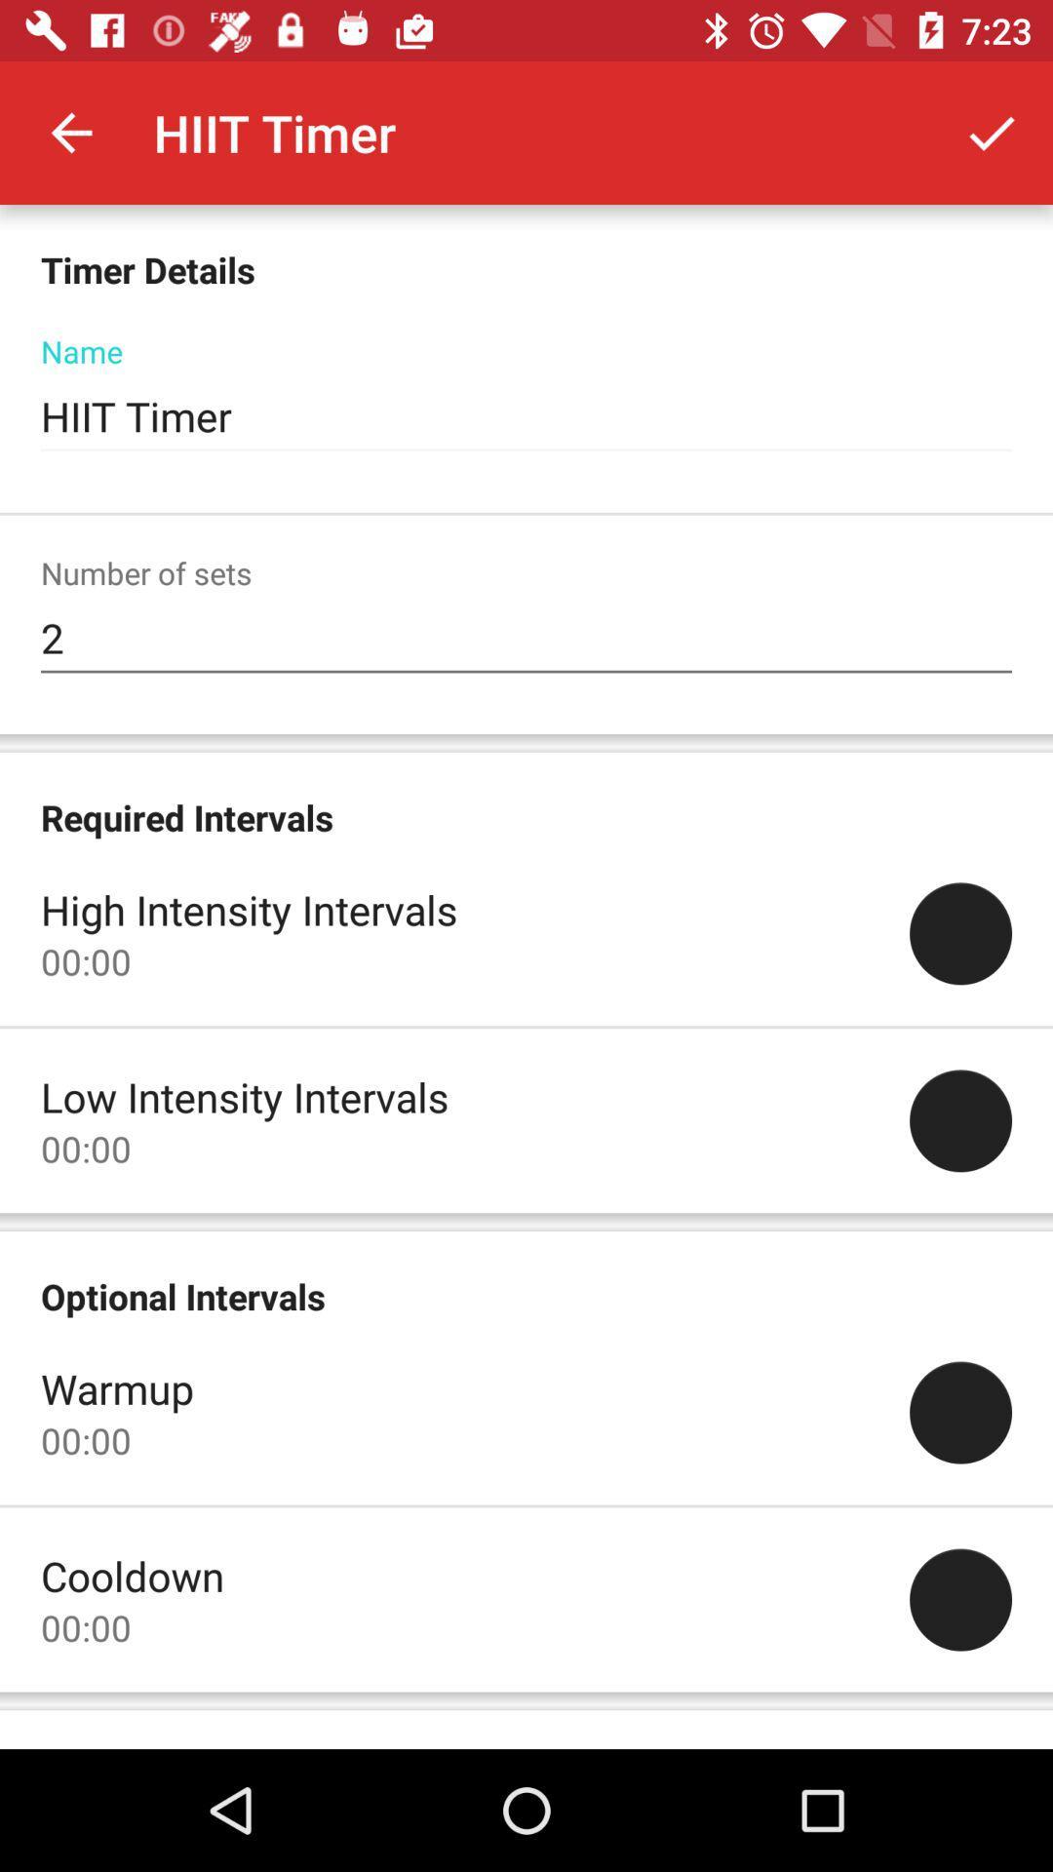 The height and width of the screenshot is (1872, 1053). Describe the element at coordinates (70, 132) in the screenshot. I see `the icon above the timer details item` at that location.